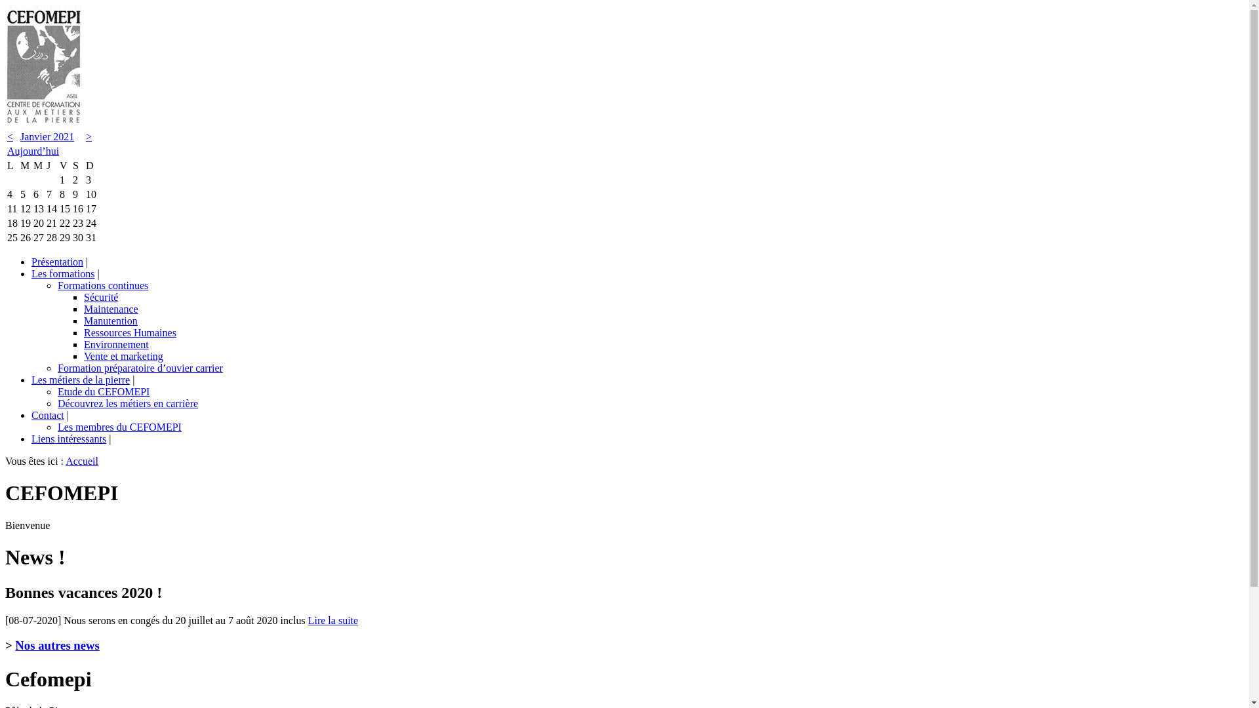 Image resolution: width=1259 pixels, height=708 pixels. What do you see at coordinates (7, 136) in the screenshot?
I see `'<'` at bounding box center [7, 136].